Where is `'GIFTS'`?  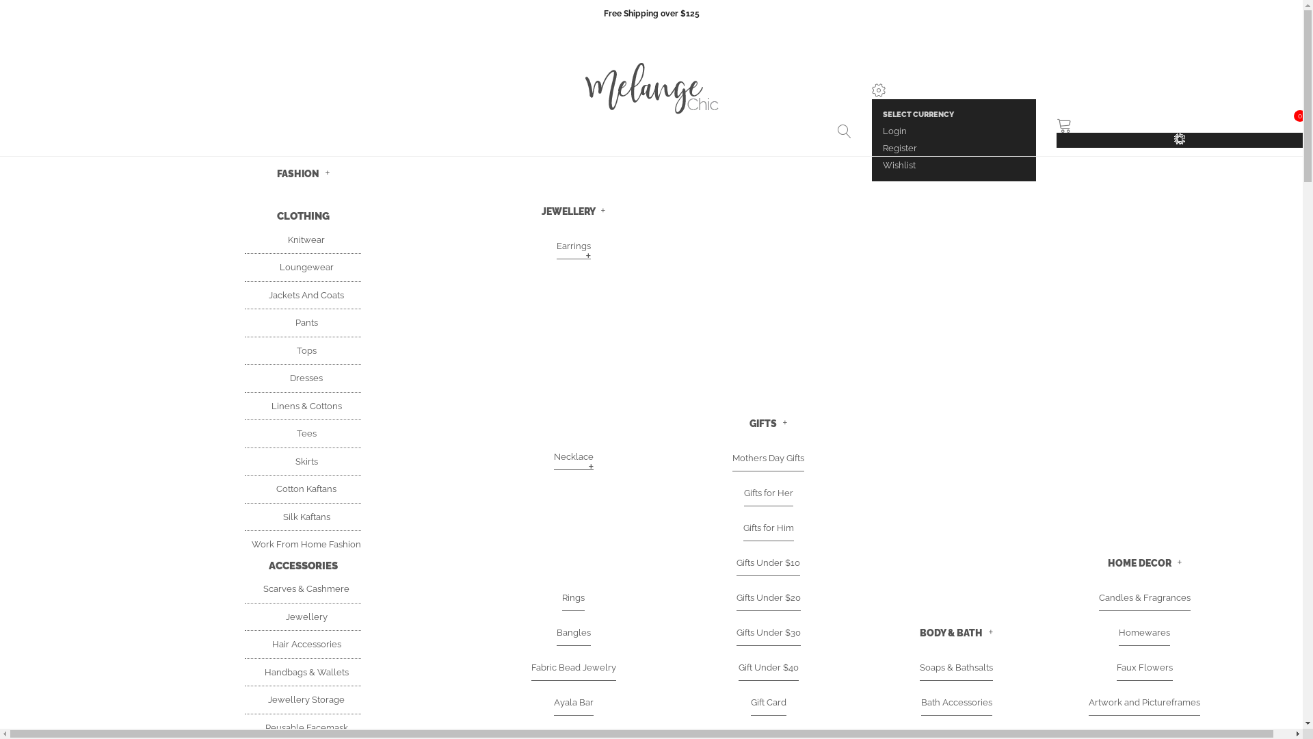 'GIFTS' is located at coordinates (748, 422).